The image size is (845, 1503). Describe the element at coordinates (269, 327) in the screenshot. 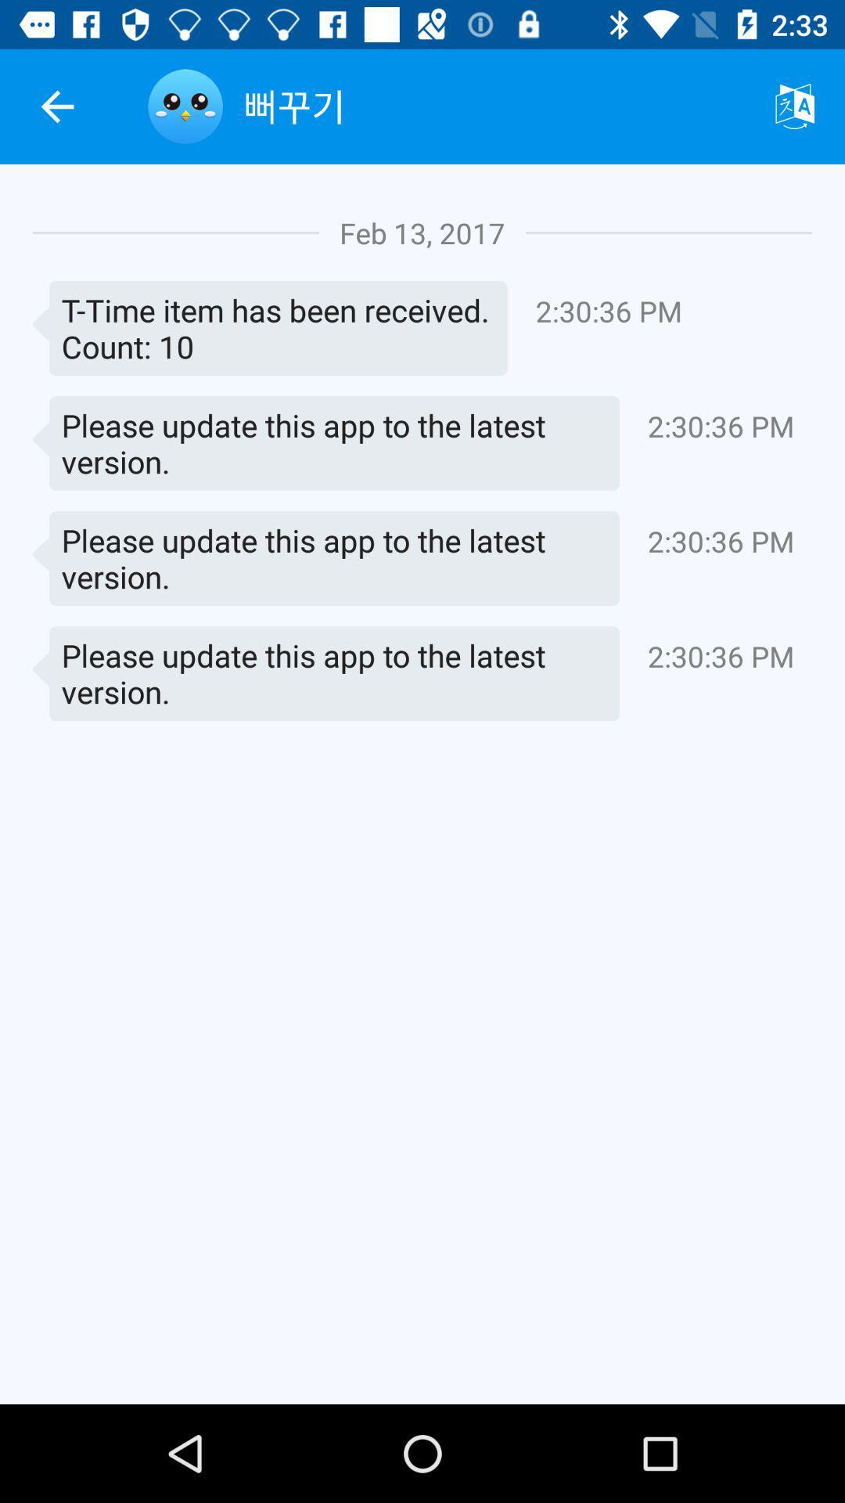

I see `item above please update this item` at that location.